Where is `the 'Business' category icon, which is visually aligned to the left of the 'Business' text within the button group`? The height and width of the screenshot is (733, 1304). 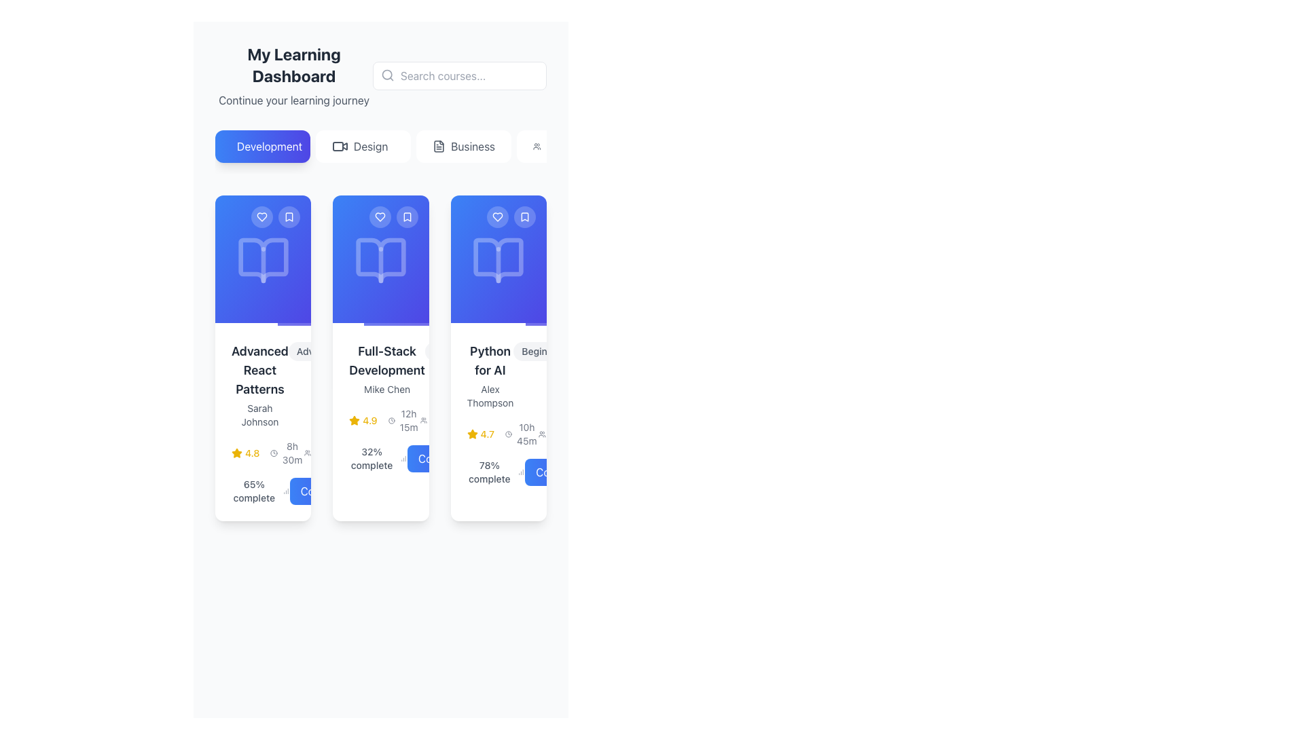 the 'Business' category icon, which is visually aligned to the left of the 'Business' text within the button group is located at coordinates (439, 147).